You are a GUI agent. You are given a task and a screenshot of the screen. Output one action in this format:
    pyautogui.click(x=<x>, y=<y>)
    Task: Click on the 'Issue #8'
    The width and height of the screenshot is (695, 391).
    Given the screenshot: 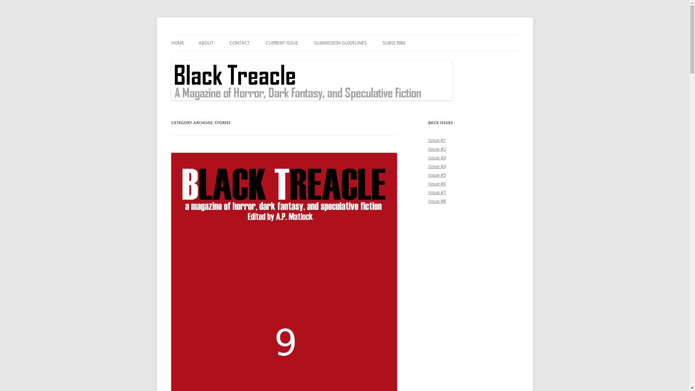 What is the action you would take?
    pyautogui.click(x=427, y=201)
    